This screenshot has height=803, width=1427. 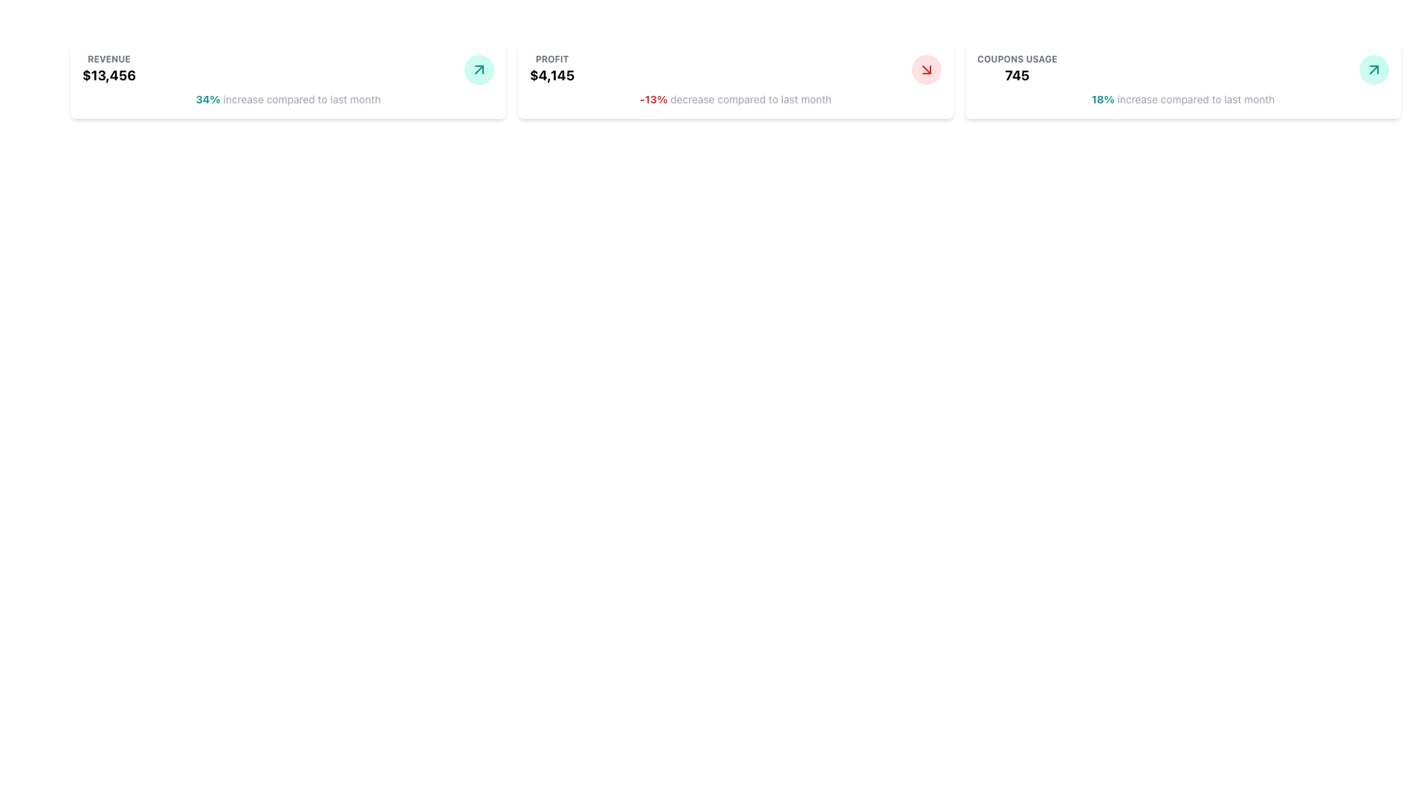 I want to click on the static text displaying the value '$4,145', which is located in the second card beneath the 'PROFIT' label, so click(x=551, y=75).